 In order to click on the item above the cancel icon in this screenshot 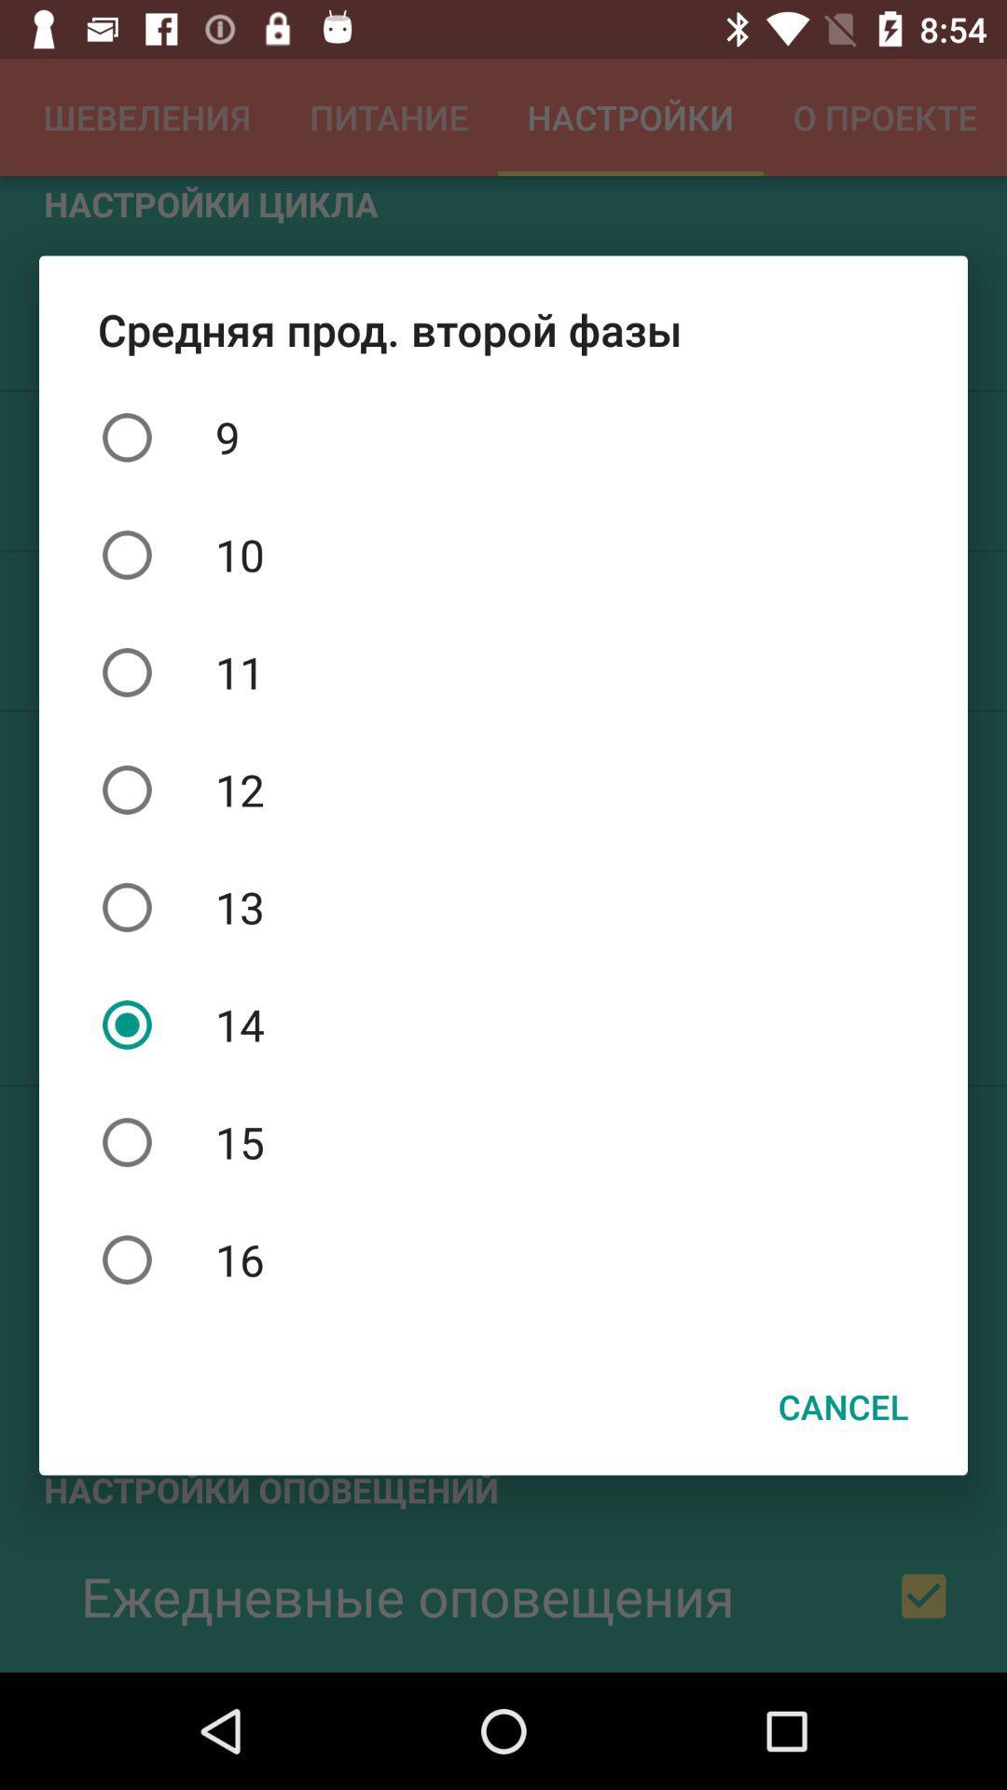, I will do `click(504, 1260)`.